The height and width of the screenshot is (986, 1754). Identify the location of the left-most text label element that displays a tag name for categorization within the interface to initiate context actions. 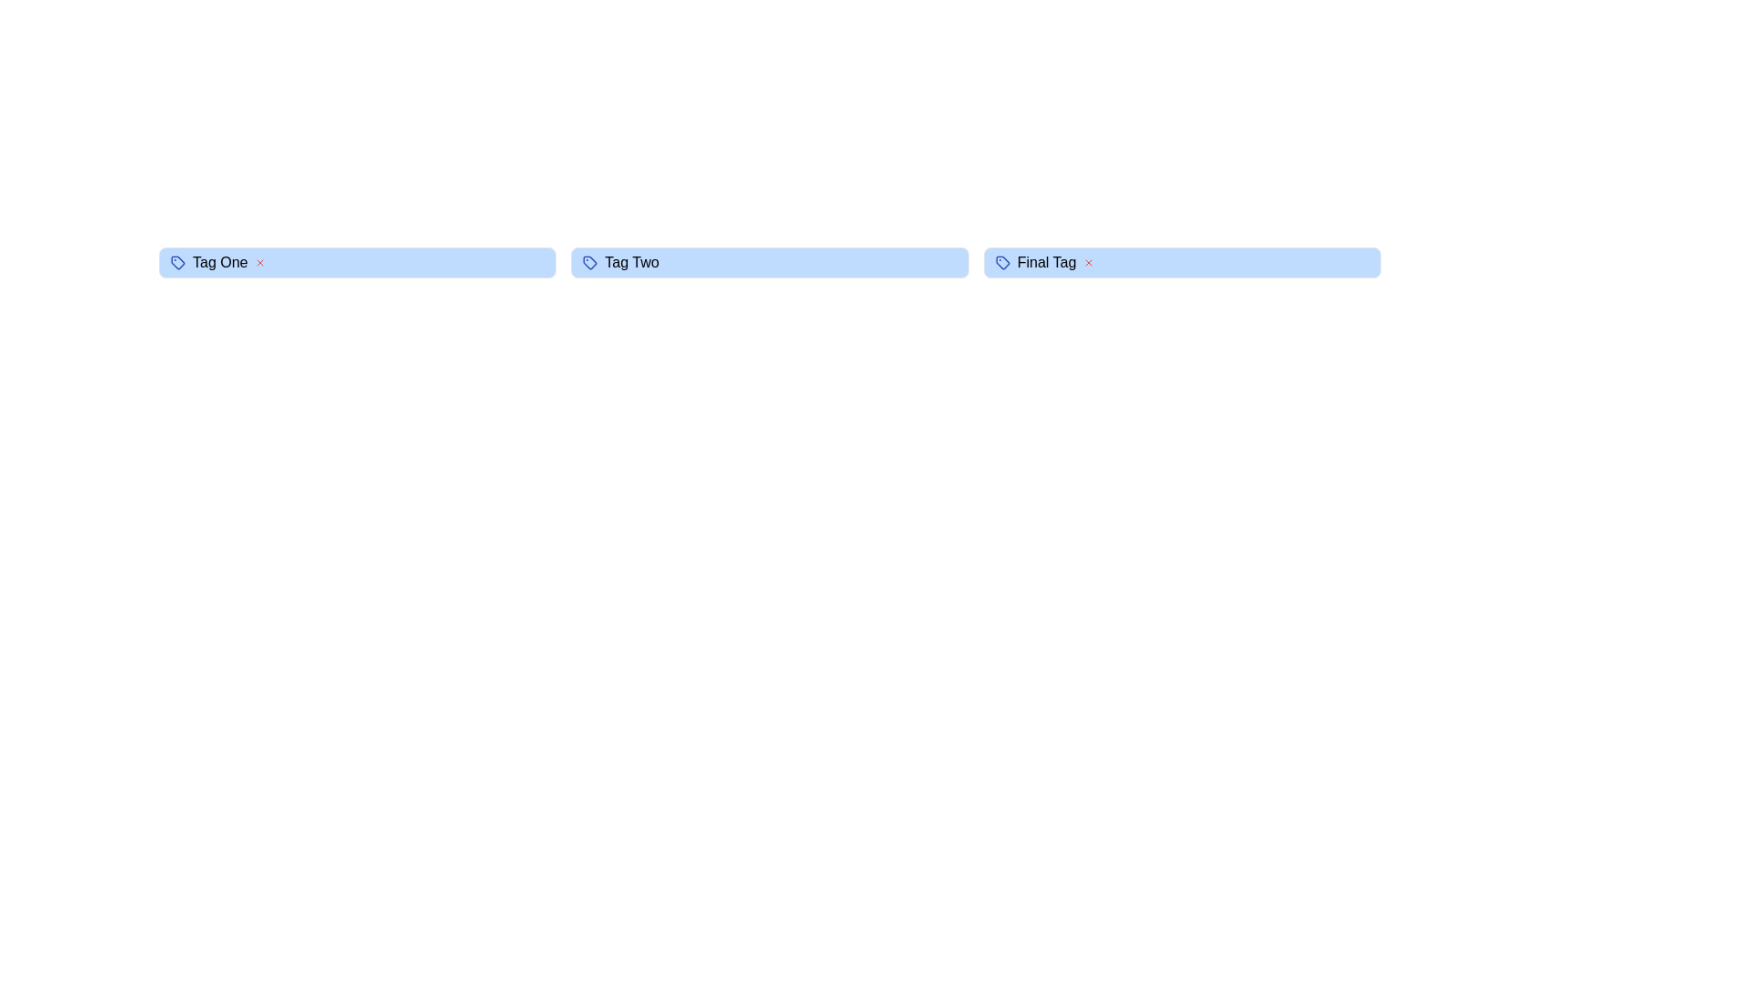
(219, 263).